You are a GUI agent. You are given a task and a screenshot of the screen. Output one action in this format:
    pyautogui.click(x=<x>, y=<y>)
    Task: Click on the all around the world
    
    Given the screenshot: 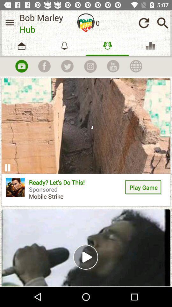 What is the action you would take?
    pyautogui.click(x=136, y=66)
    